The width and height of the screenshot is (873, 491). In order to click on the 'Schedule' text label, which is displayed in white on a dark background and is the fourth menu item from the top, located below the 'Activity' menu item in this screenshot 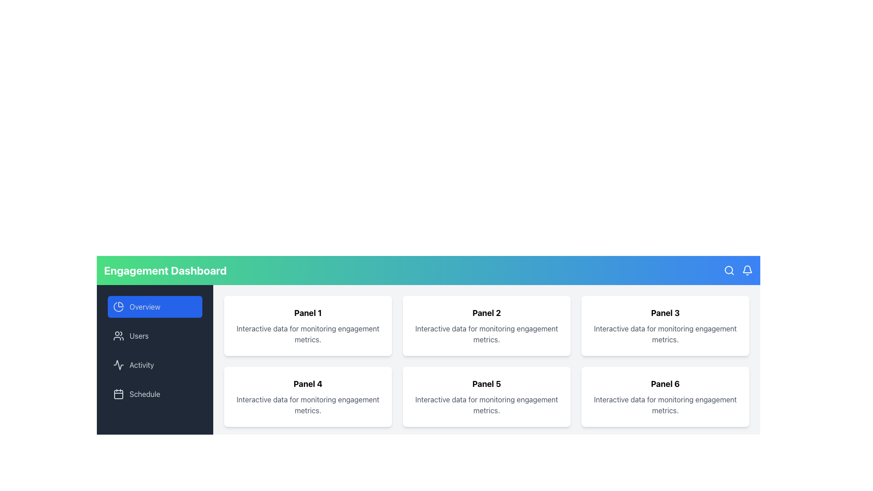, I will do `click(144, 394)`.